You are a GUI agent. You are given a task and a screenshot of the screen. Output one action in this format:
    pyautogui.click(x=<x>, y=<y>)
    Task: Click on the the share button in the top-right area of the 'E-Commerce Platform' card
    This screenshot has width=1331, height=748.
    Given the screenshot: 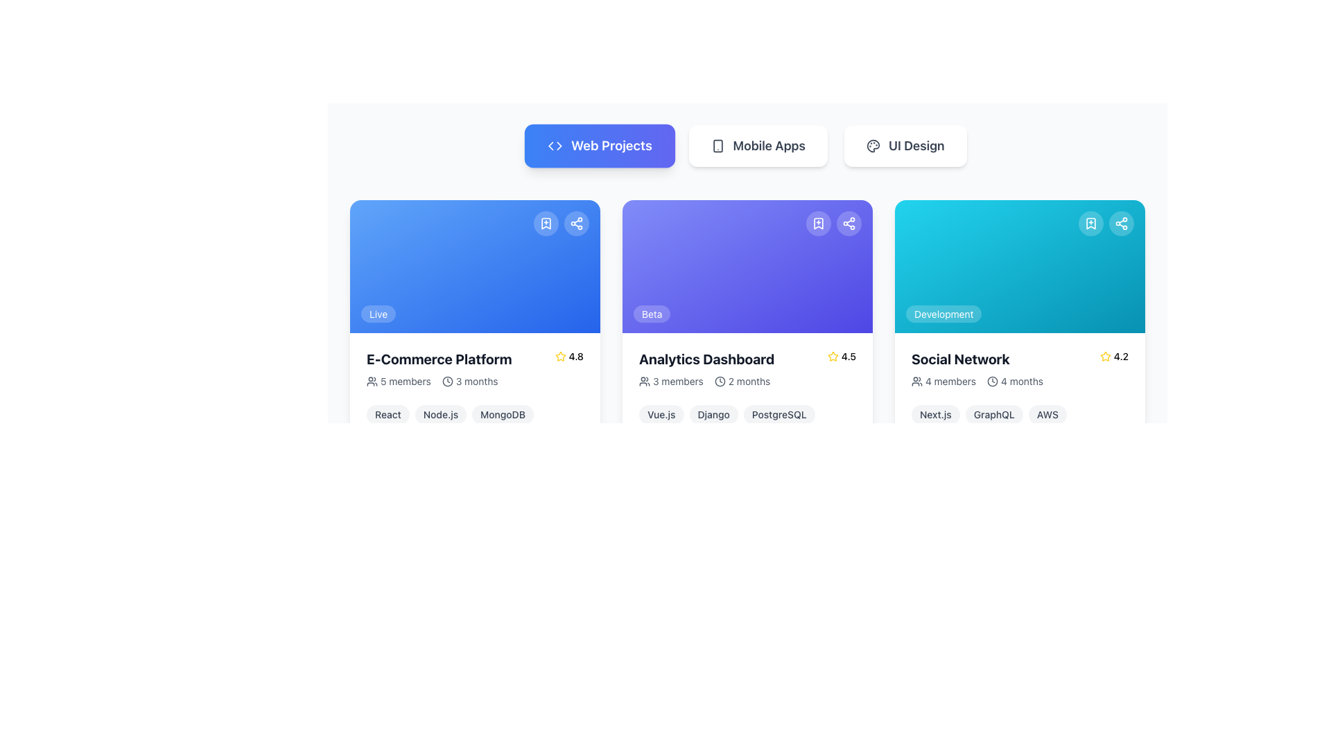 What is the action you would take?
    pyautogui.click(x=562, y=223)
    